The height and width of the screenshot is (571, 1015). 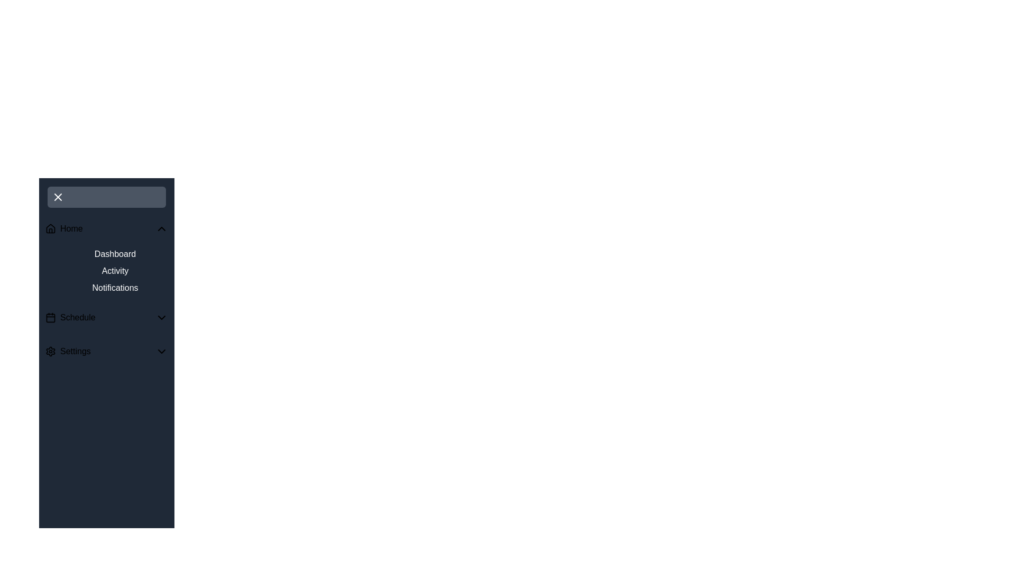 I want to click on the 'Schedule' navigation label, which is located in the sidebar menu under 'Home' and above 'Settings', adjacent to a calendar icon, so click(x=77, y=317).